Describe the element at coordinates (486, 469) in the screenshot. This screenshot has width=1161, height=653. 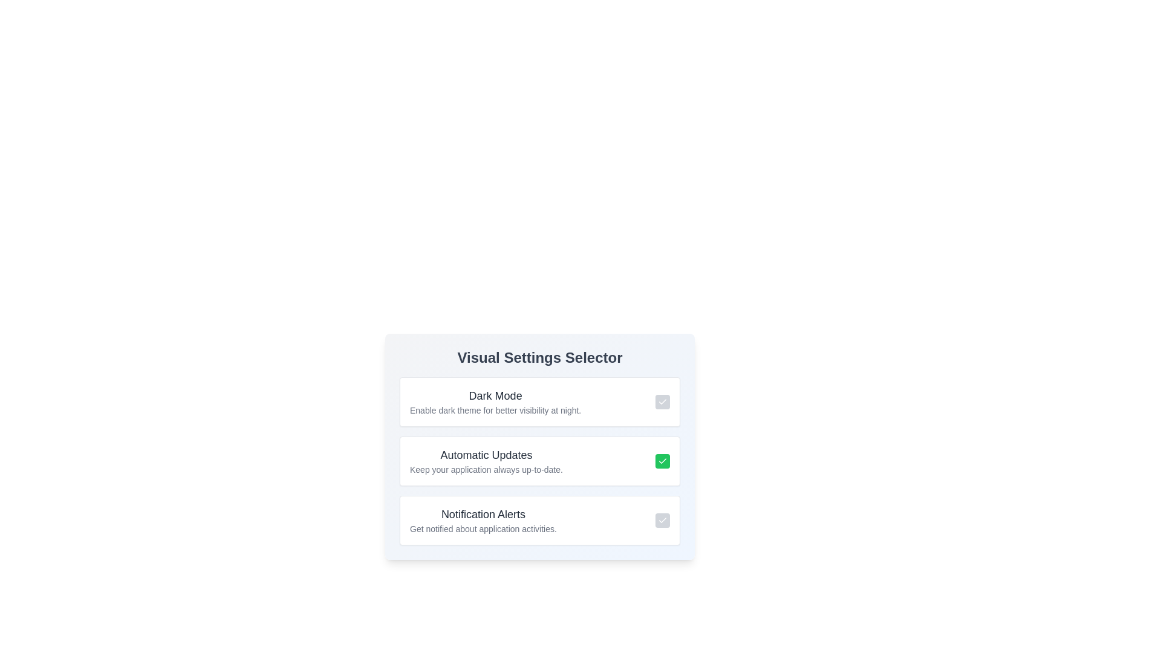
I see `the static text that describes the purpose of the 'Automatic Updates' feature, located within the settings interface under the 'Automatic Updates' section` at that location.